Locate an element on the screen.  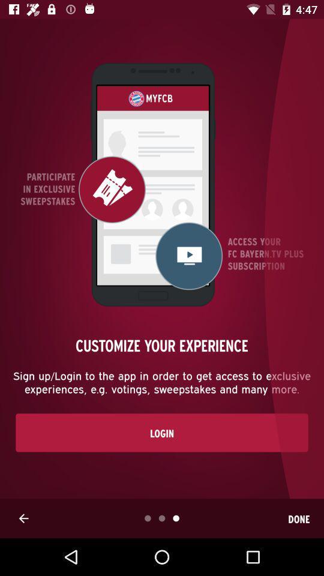
item below the login is located at coordinates (298, 518).